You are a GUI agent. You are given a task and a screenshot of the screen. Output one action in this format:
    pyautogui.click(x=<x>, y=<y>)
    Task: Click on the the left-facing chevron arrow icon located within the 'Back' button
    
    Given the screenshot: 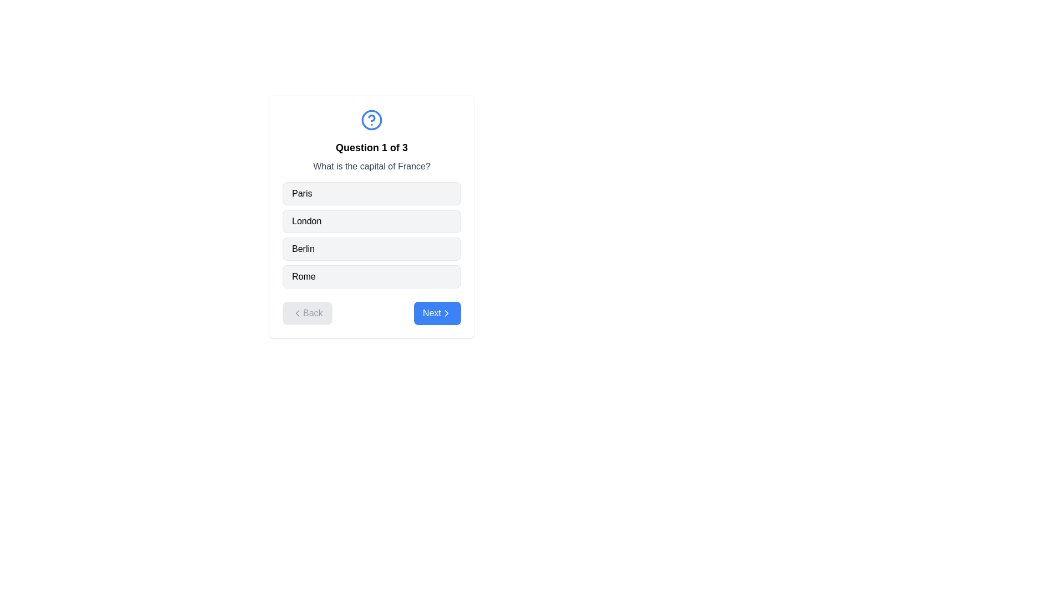 What is the action you would take?
    pyautogui.click(x=298, y=313)
    